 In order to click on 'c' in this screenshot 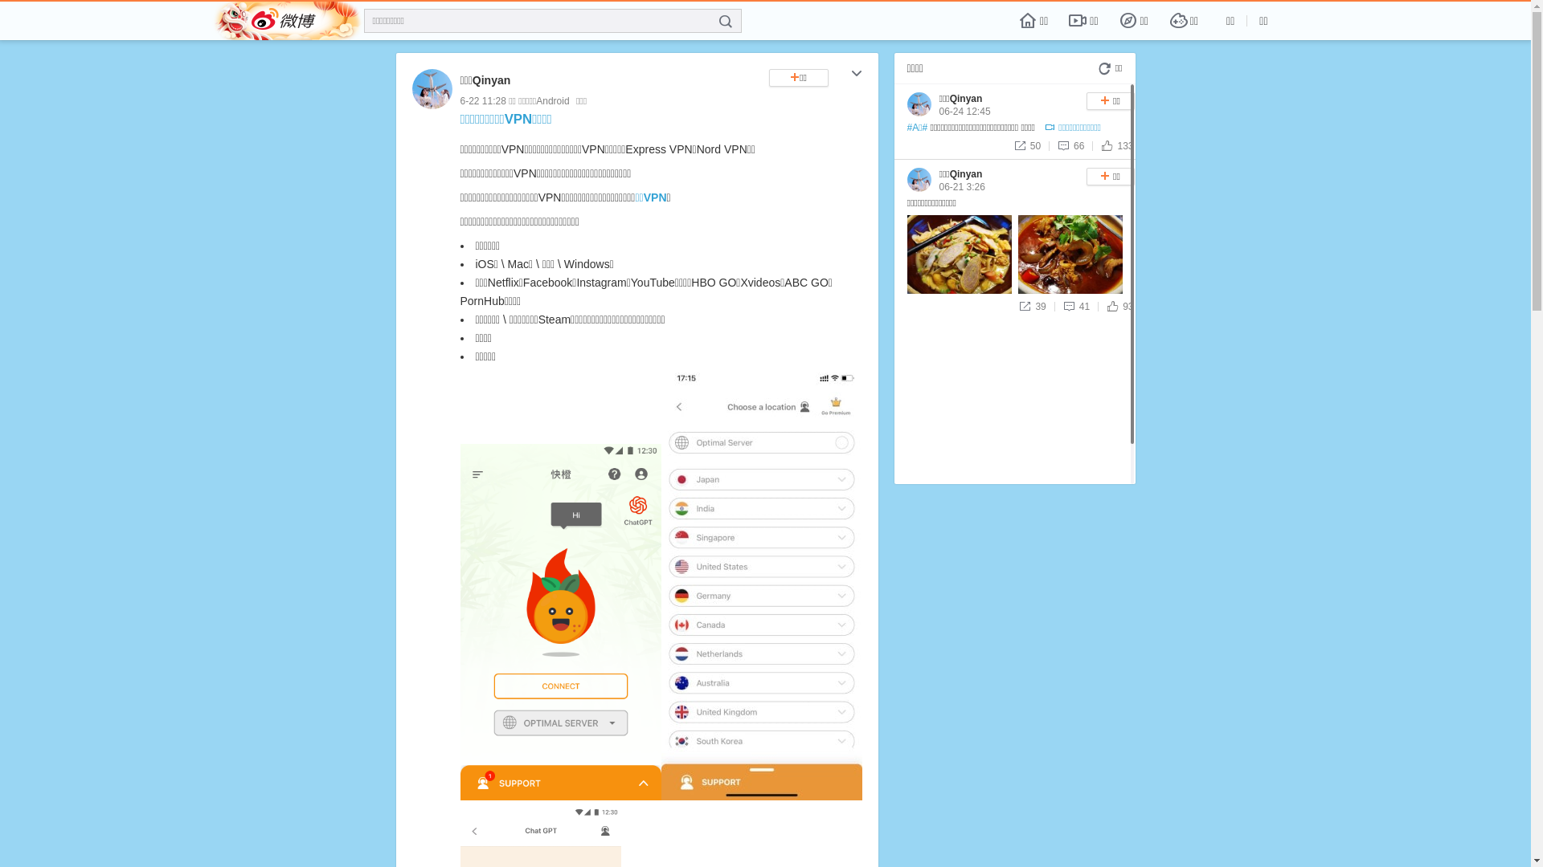, I will do `click(856, 75)`.